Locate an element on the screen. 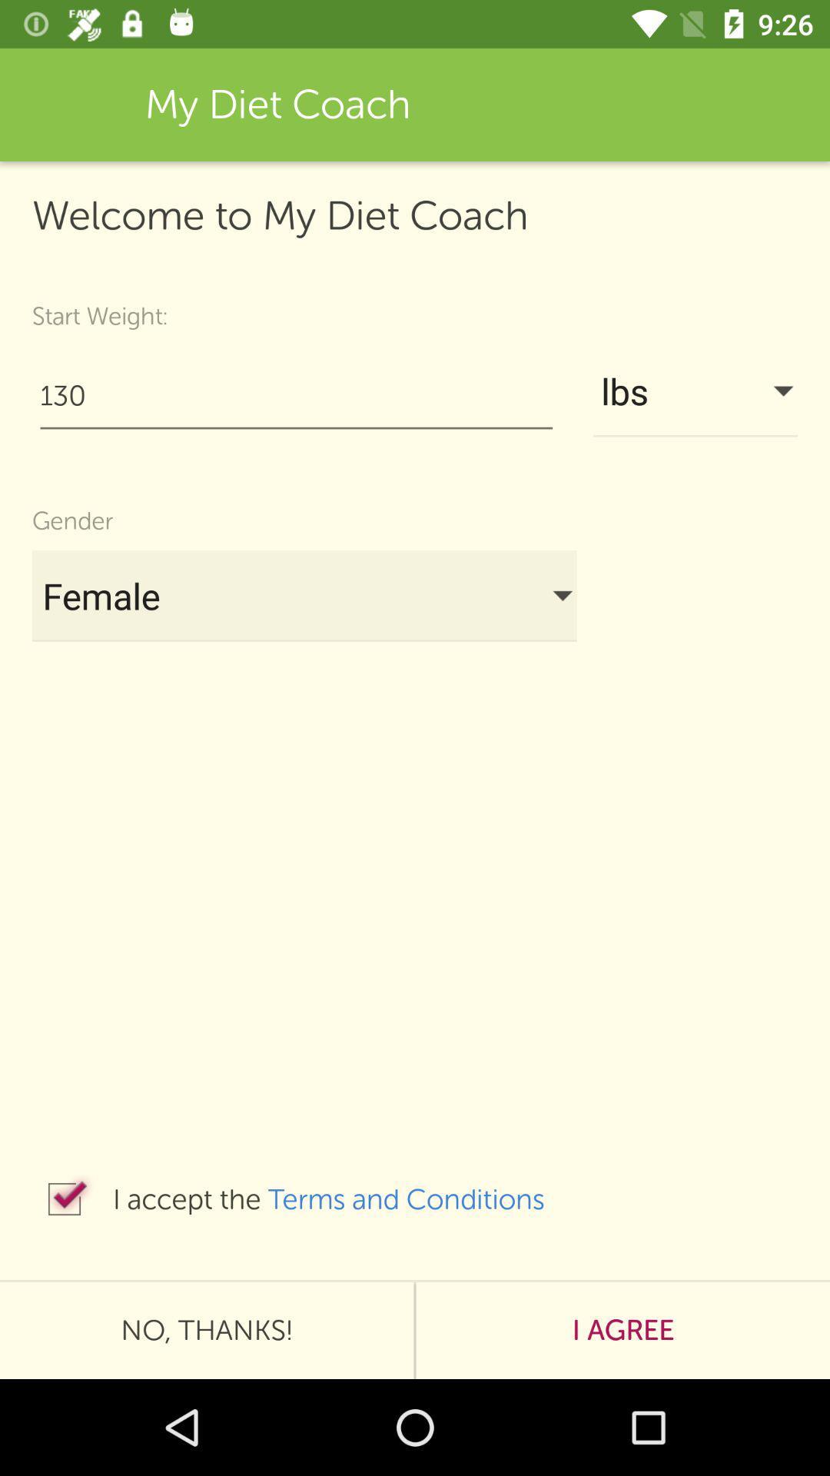 Image resolution: width=830 pixels, height=1476 pixels. the i agree icon is located at coordinates (622, 1330).